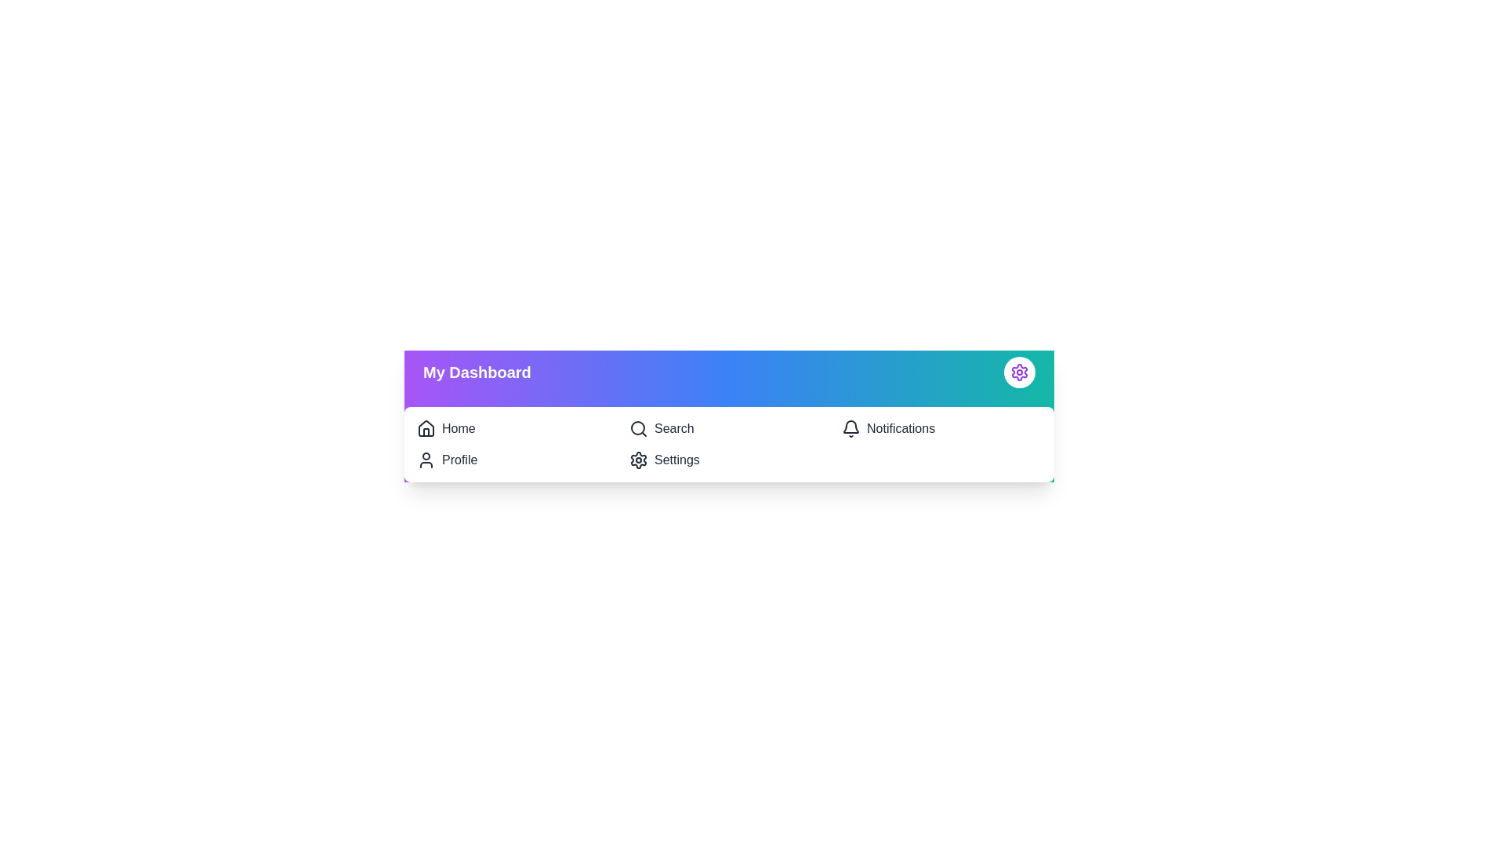 The width and height of the screenshot is (1505, 847). Describe the element at coordinates (1019, 372) in the screenshot. I see `the settings button to toggle the menu visibility` at that location.